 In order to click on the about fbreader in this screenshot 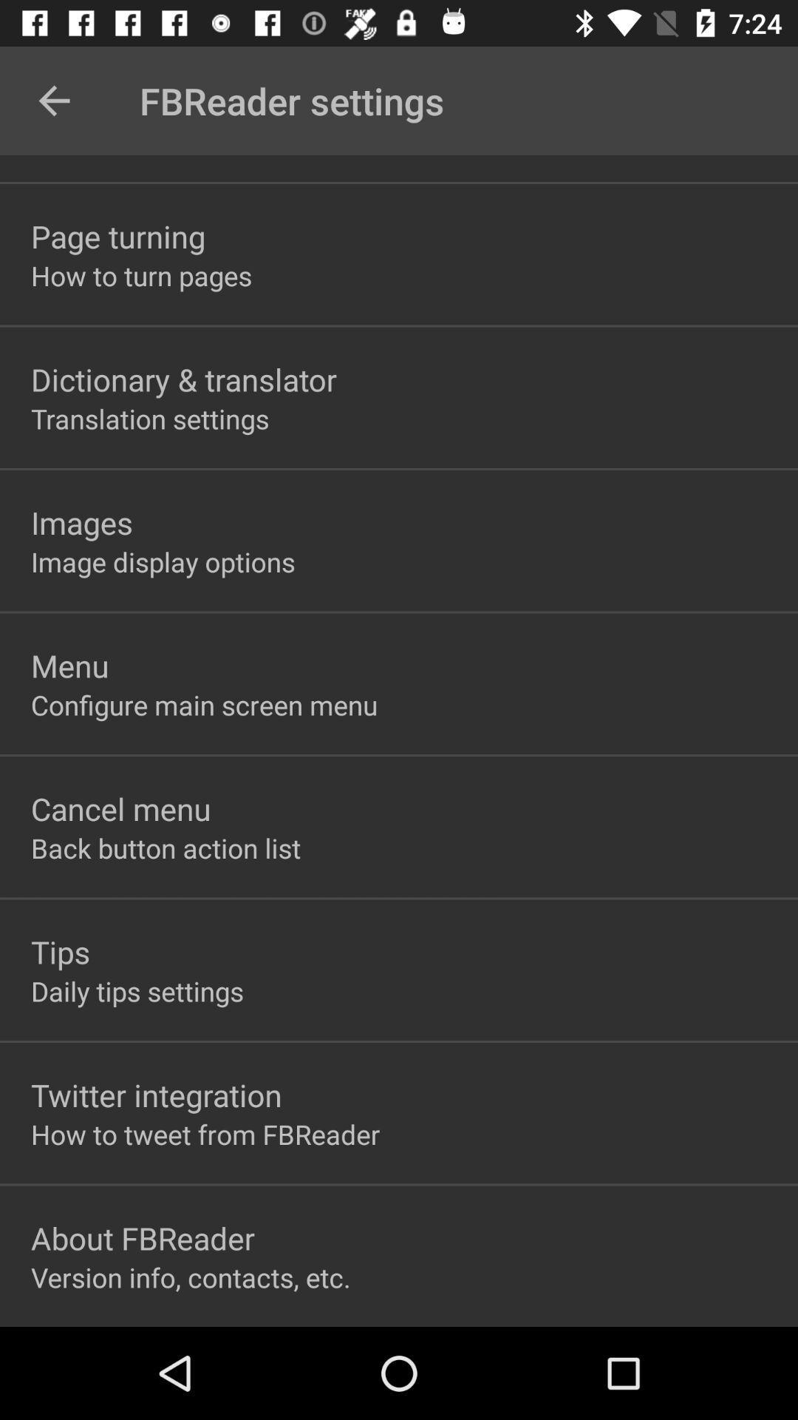, I will do `click(143, 1238)`.